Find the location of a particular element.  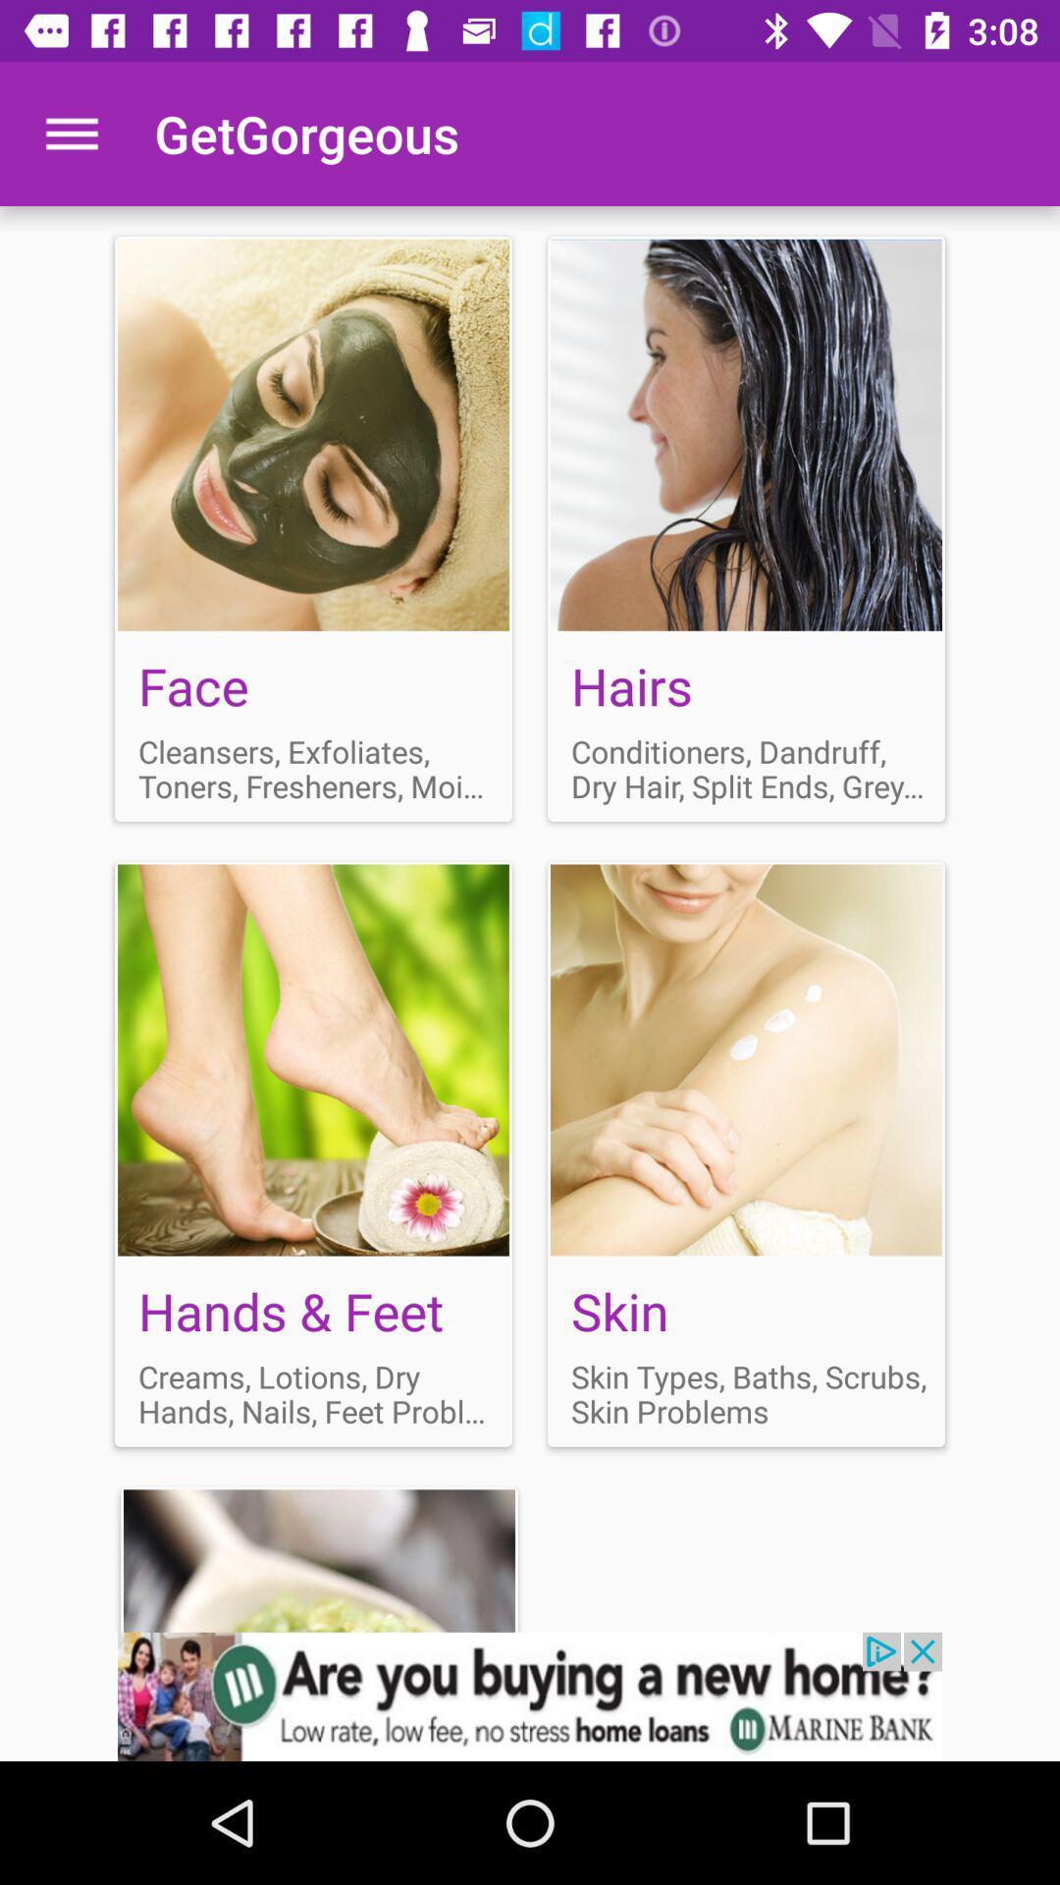

to select options for hands feet is located at coordinates (312, 1154).